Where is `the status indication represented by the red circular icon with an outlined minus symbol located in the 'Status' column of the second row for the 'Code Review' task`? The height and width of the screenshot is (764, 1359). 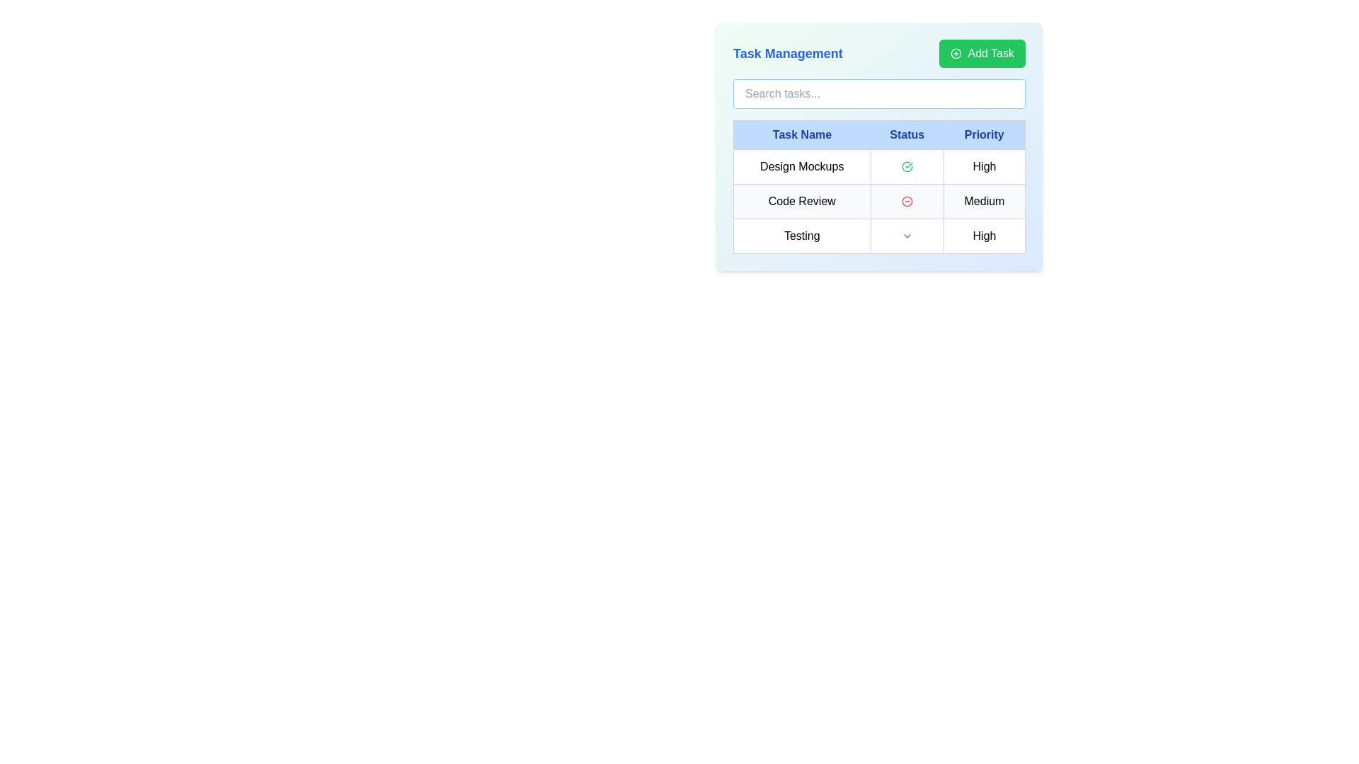
the status indication represented by the red circular icon with an outlined minus symbol located in the 'Status' column of the second row for the 'Code Review' task is located at coordinates (907, 202).